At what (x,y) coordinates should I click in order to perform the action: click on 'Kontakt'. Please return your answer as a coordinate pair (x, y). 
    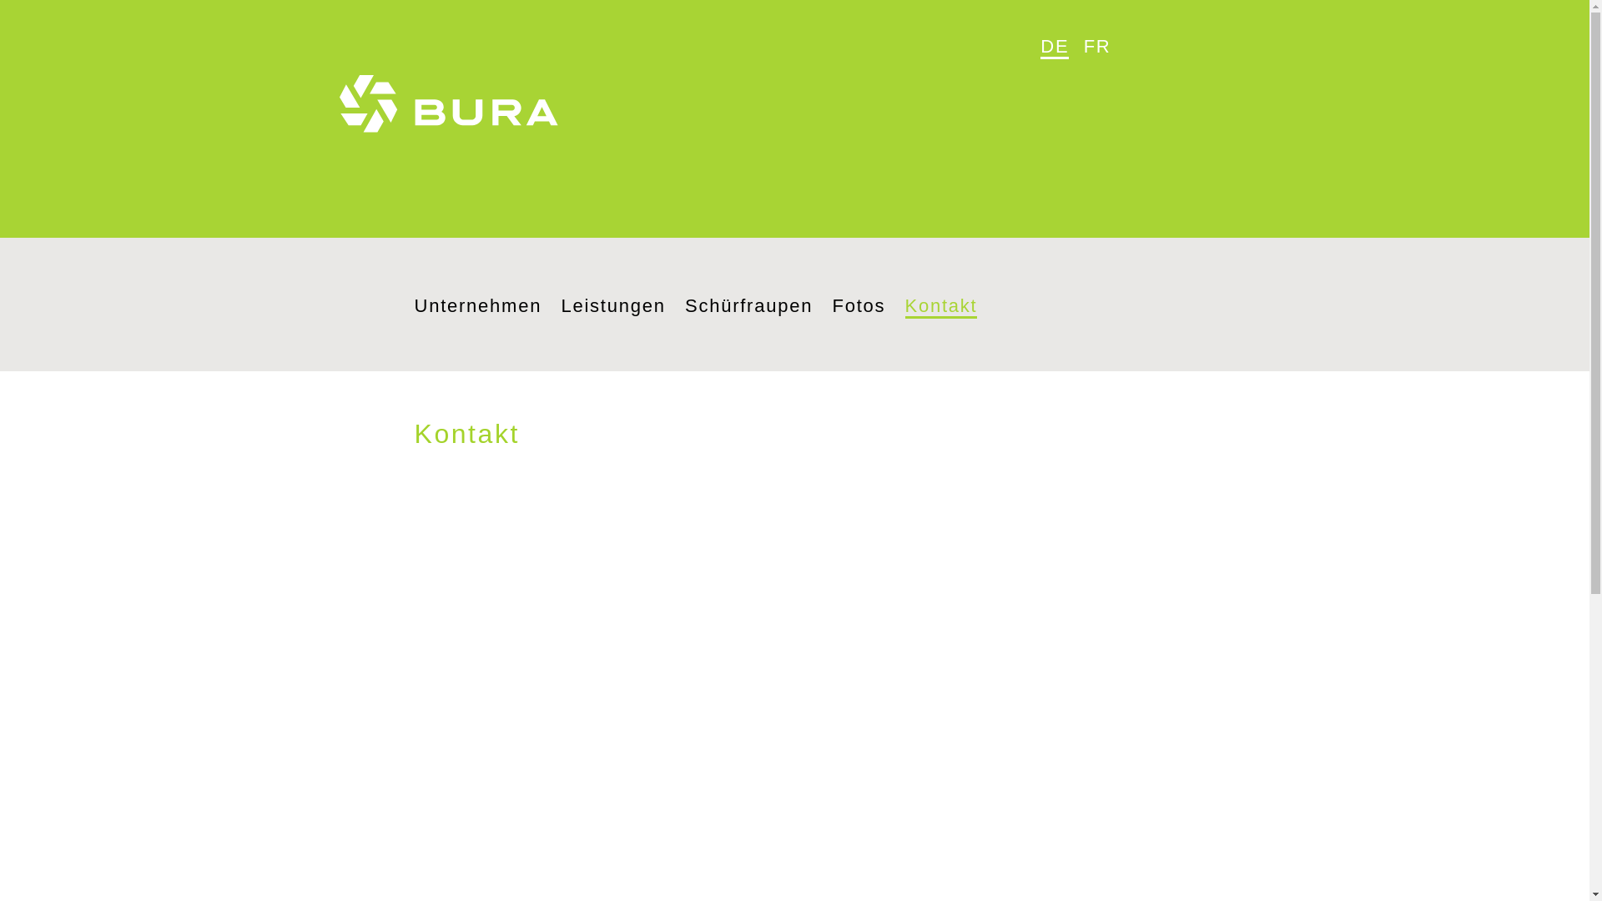
    Looking at the image, I should click on (941, 306).